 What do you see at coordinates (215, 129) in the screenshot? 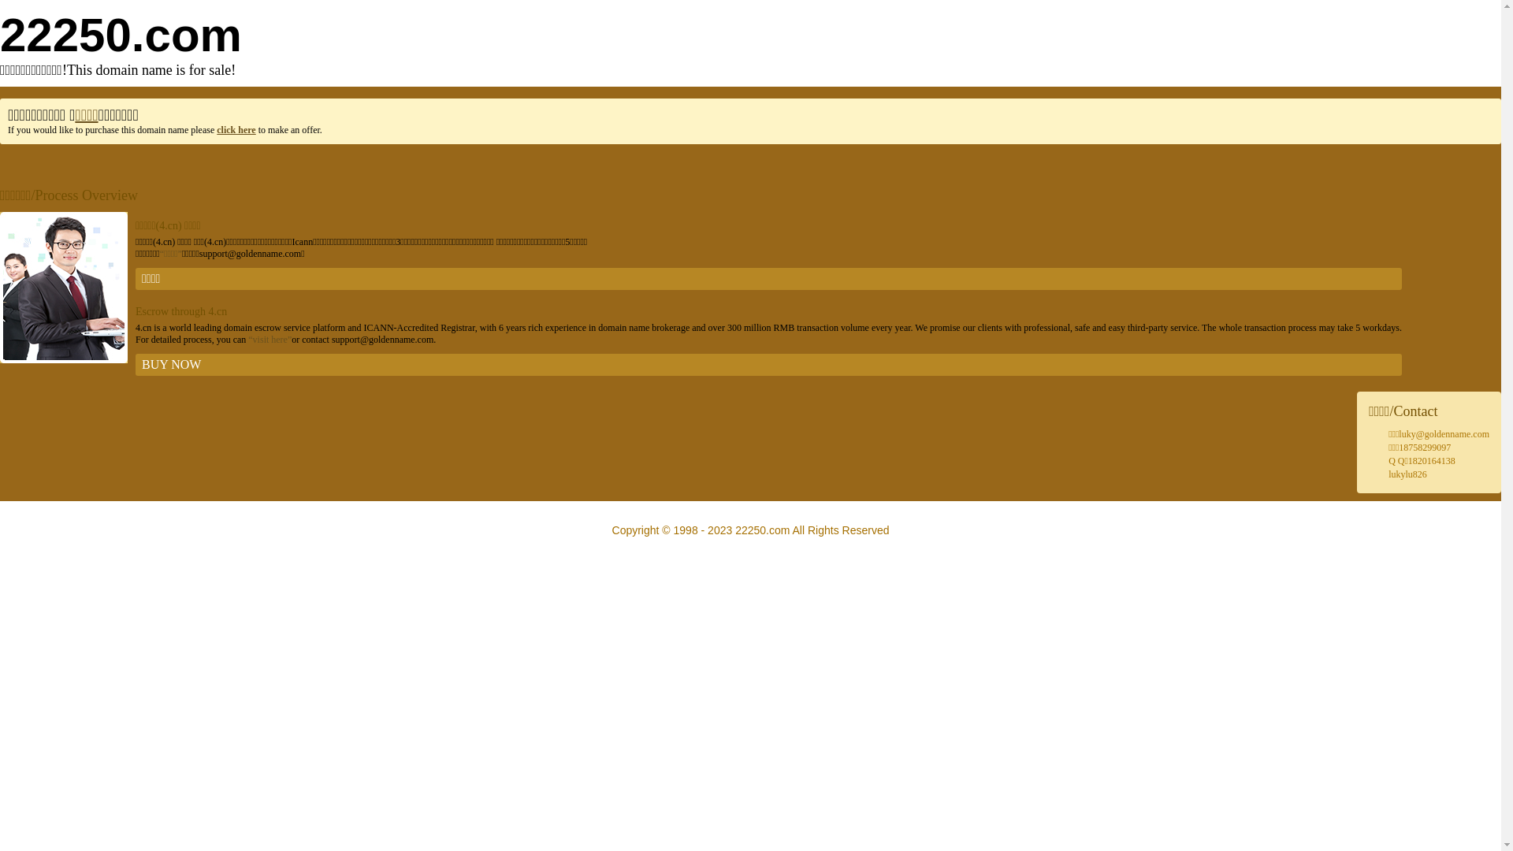
I see `'click here'` at bounding box center [215, 129].